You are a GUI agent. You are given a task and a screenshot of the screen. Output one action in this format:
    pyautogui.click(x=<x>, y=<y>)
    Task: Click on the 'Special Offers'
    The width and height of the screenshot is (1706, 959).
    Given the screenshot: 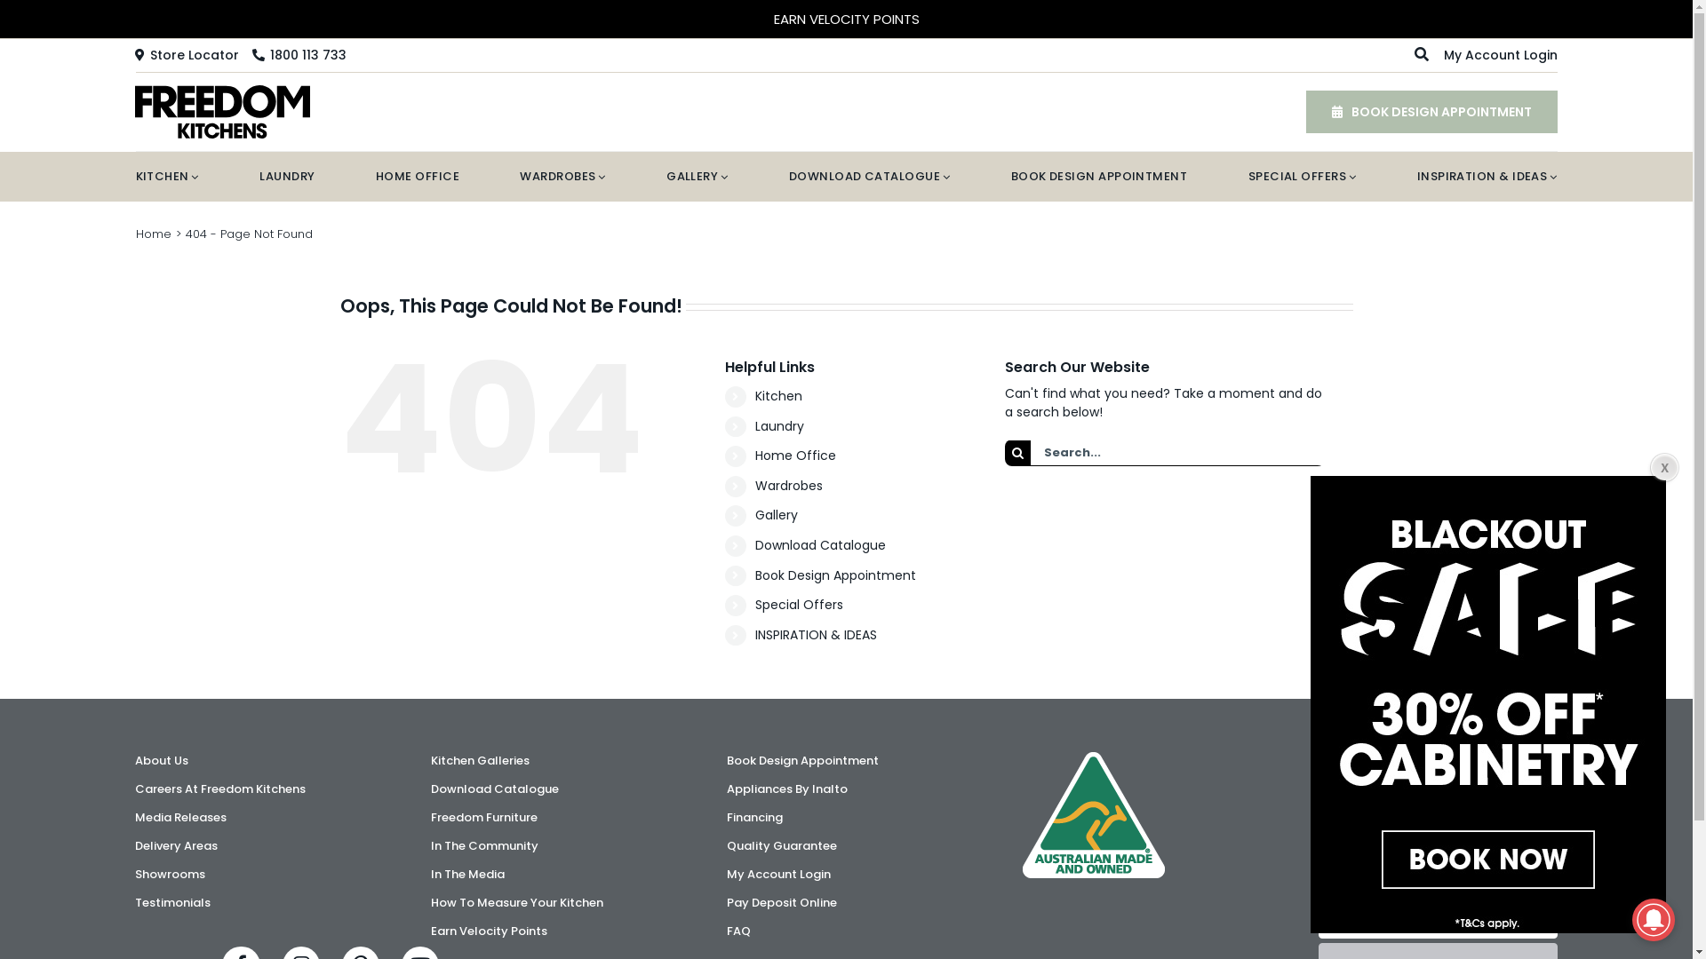 What is the action you would take?
    pyautogui.click(x=754, y=604)
    